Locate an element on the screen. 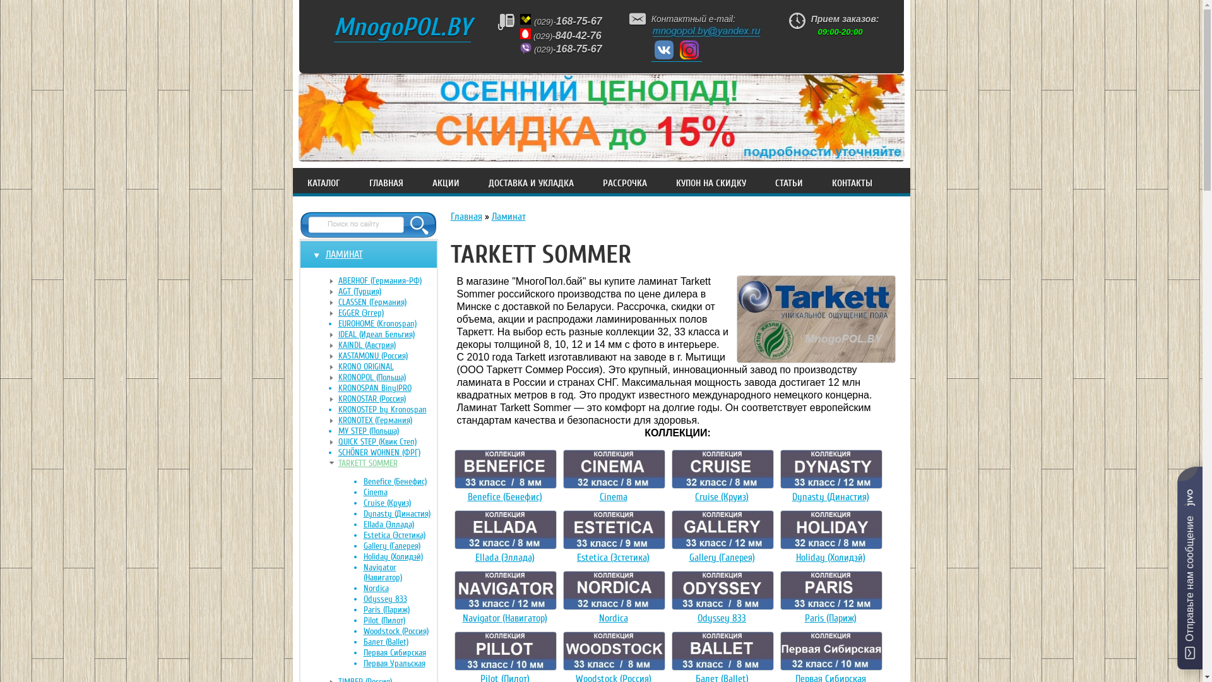  'Cinema' is located at coordinates (613, 496).